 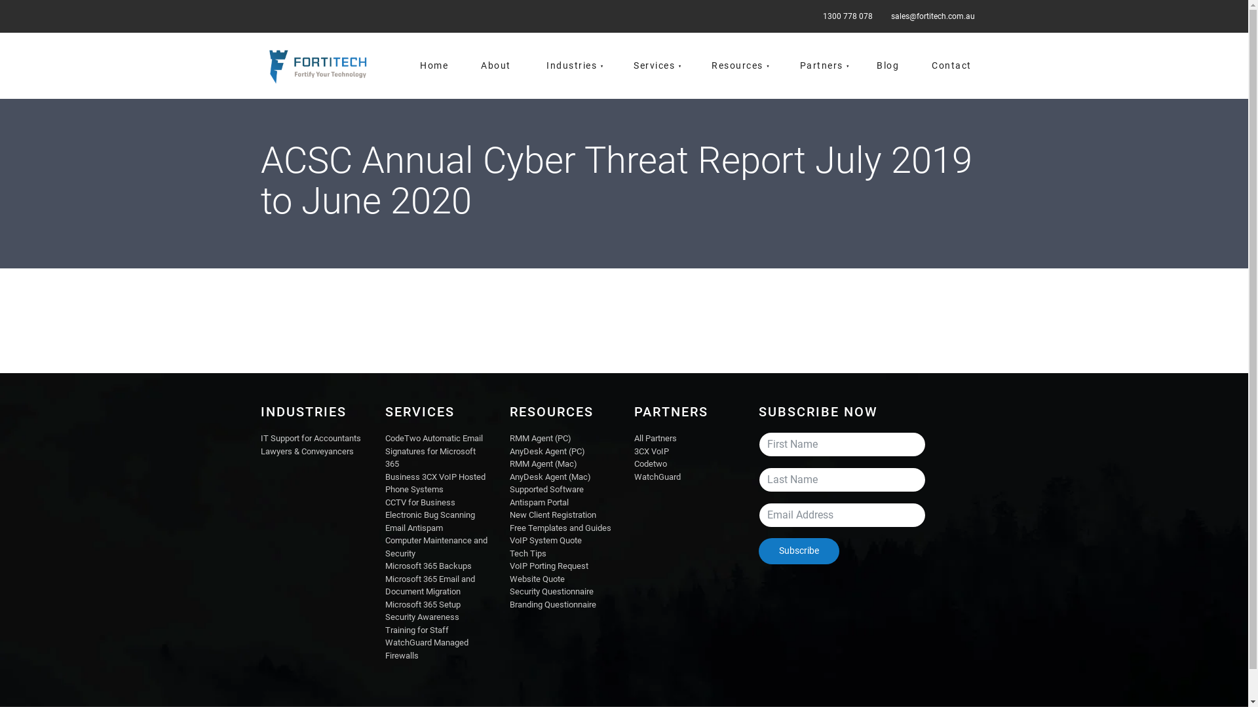 What do you see at coordinates (657, 477) in the screenshot?
I see `'WatchGuard'` at bounding box center [657, 477].